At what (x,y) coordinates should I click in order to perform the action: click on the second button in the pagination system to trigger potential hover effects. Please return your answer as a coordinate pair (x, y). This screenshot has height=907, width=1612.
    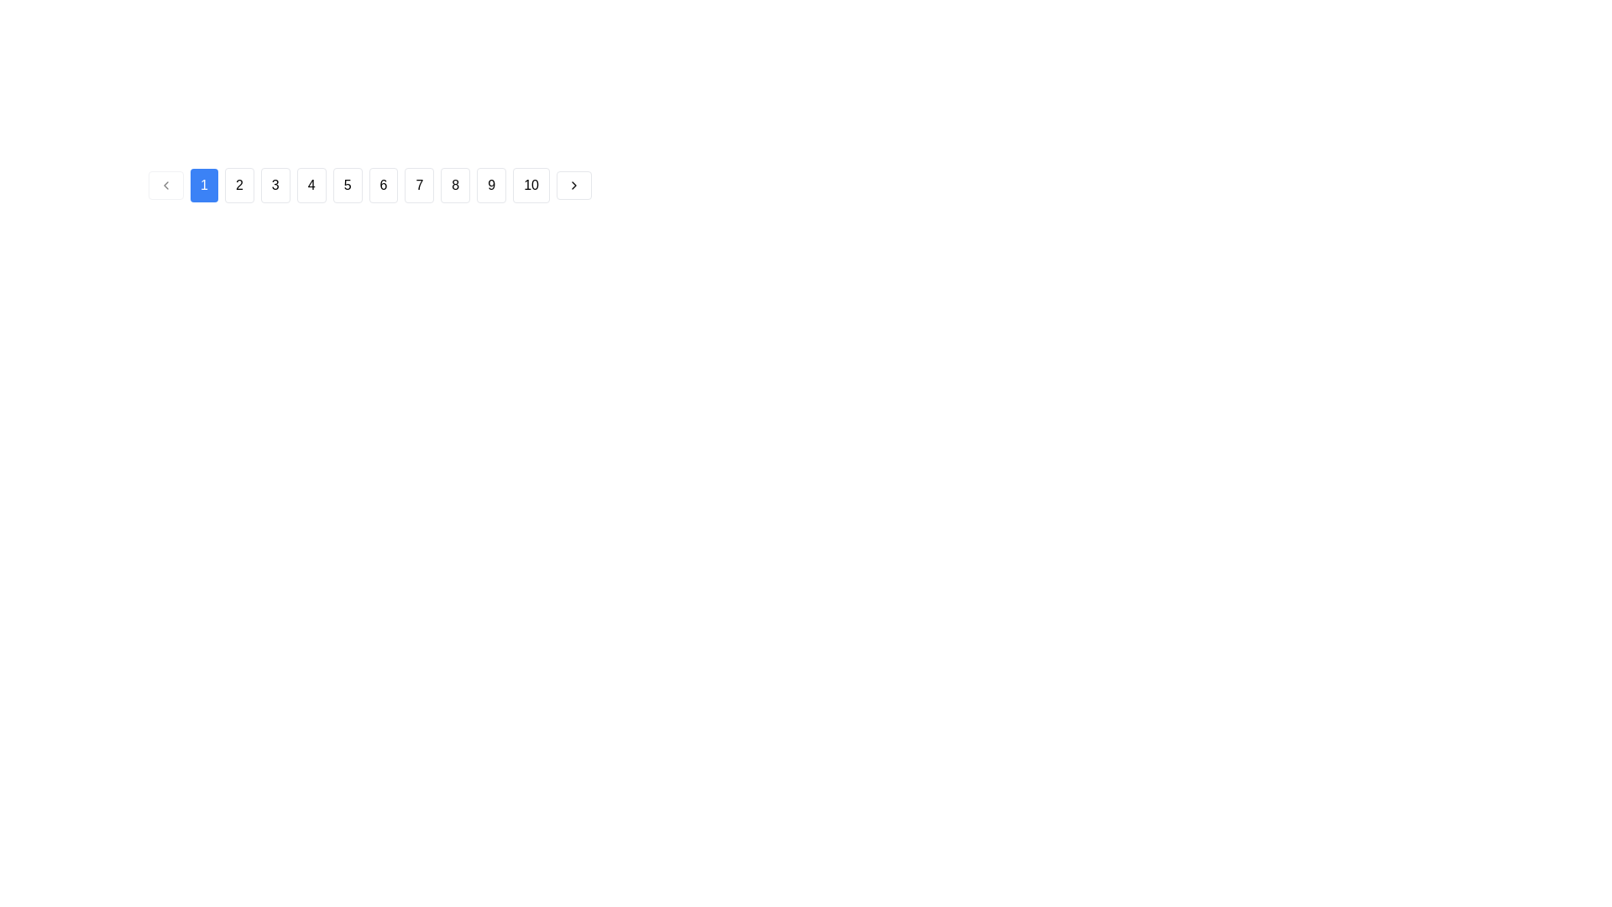
    Looking at the image, I should click on (203, 185).